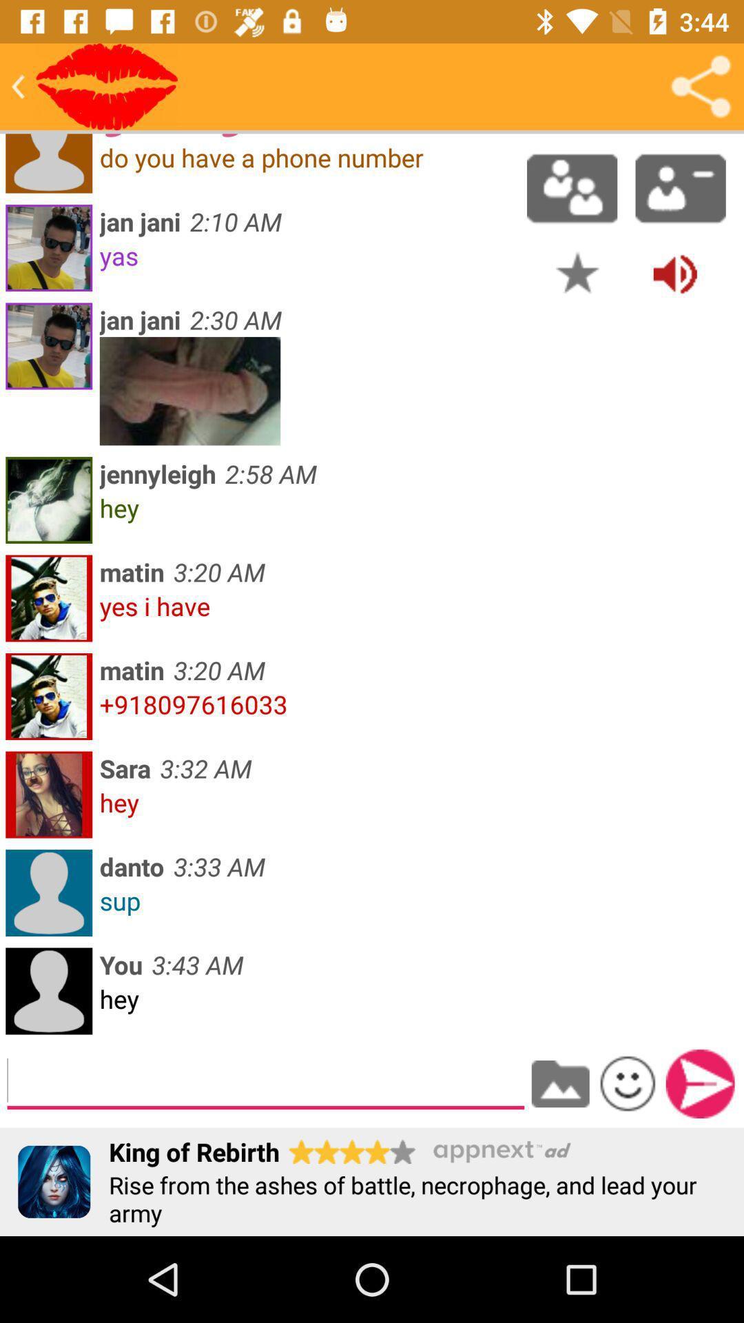 Image resolution: width=744 pixels, height=1323 pixels. What do you see at coordinates (680, 187) in the screenshot?
I see `the avatar icon` at bounding box center [680, 187].